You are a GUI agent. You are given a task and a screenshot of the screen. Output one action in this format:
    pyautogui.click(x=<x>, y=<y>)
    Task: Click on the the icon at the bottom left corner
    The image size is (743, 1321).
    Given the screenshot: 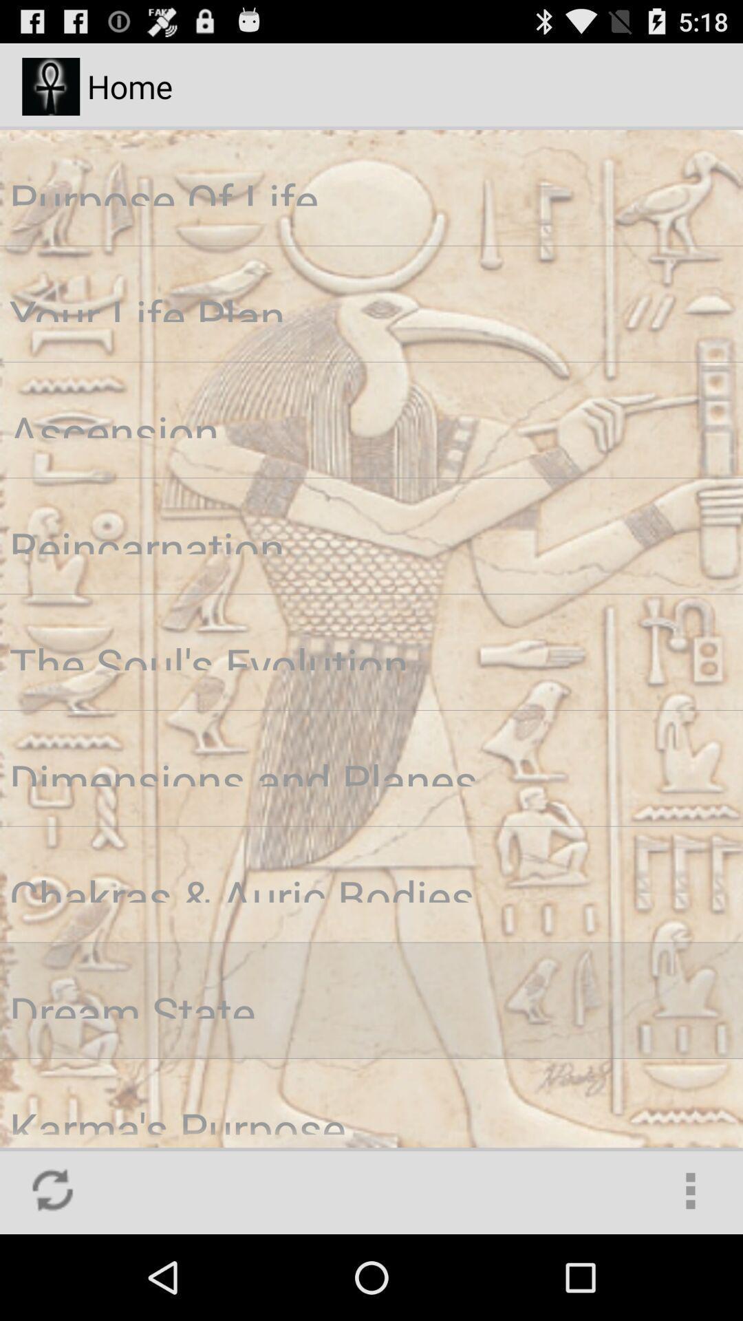 What is the action you would take?
    pyautogui.click(x=52, y=1190)
    